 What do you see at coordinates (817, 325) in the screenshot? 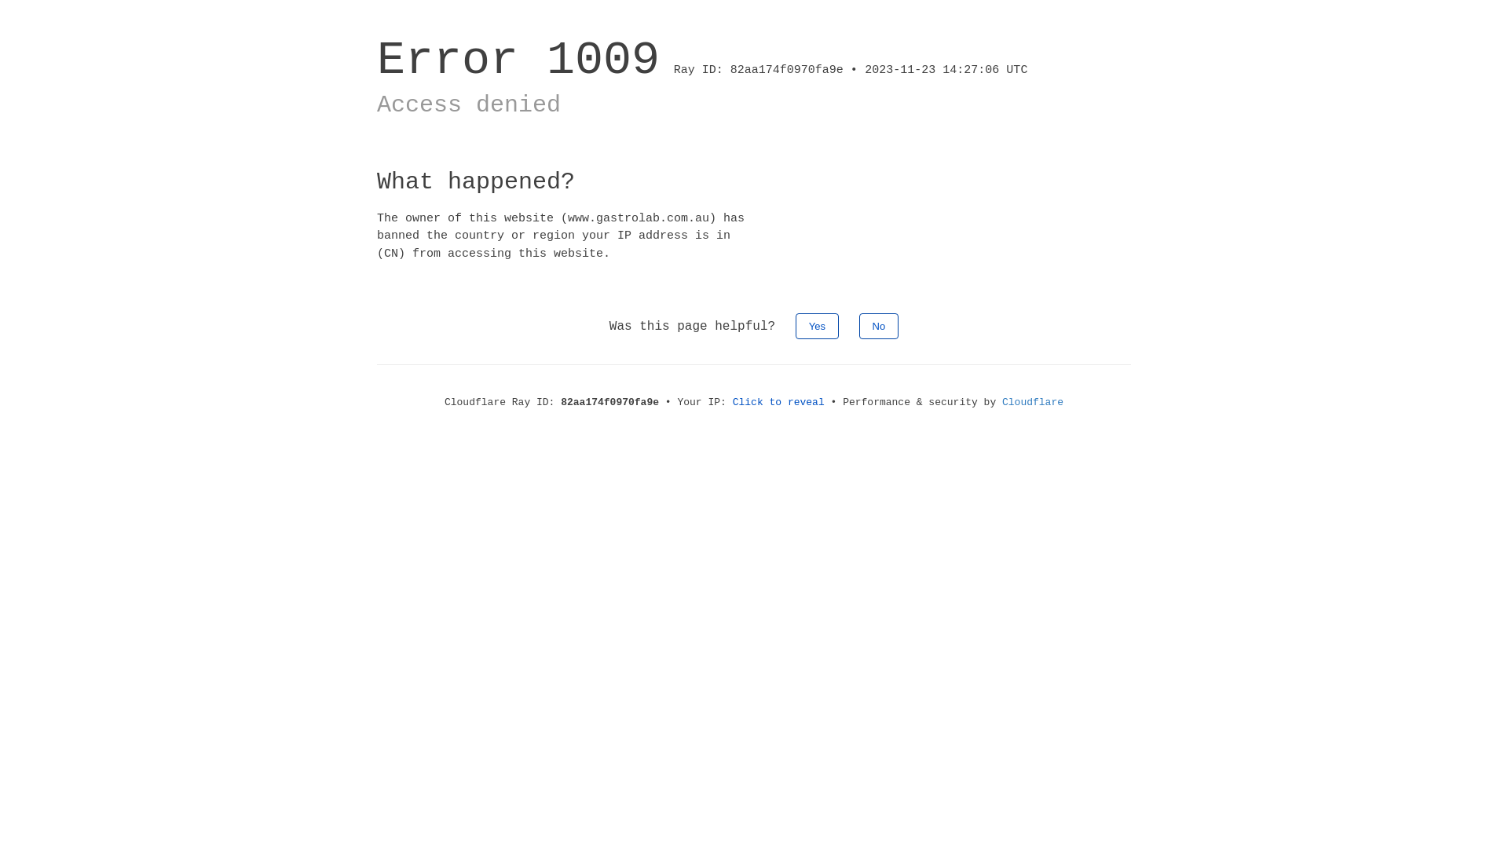
I see `'Yes'` at bounding box center [817, 325].